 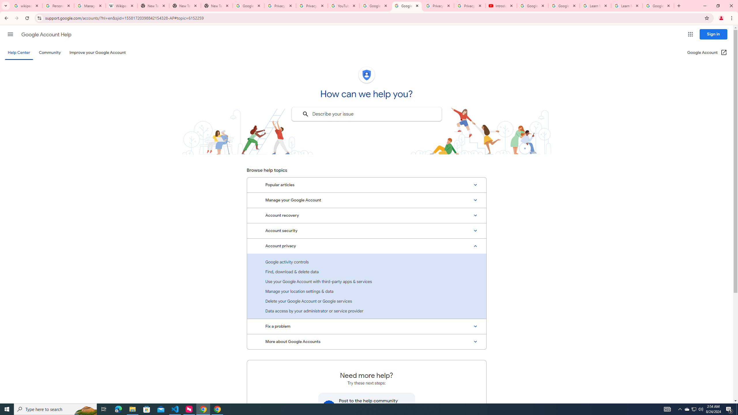 What do you see at coordinates (185, 5) in the screenshot?
I see `'New Tab'` at bounding box center [185, 5].